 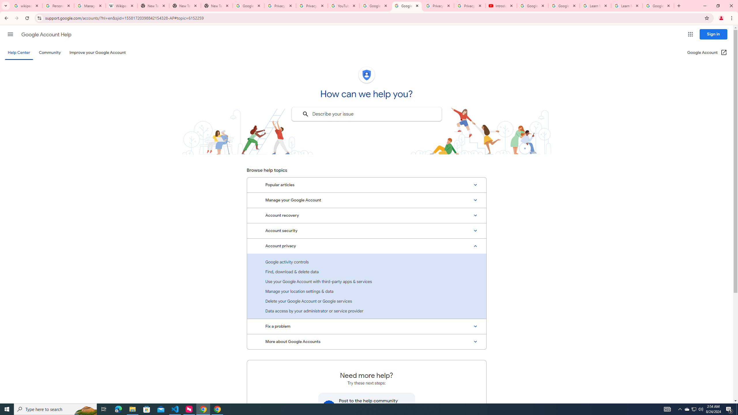 What do you see at coordinates (185, 5) in the screenshot?
I see `'New Tab'` at bounding box center [185, 5].